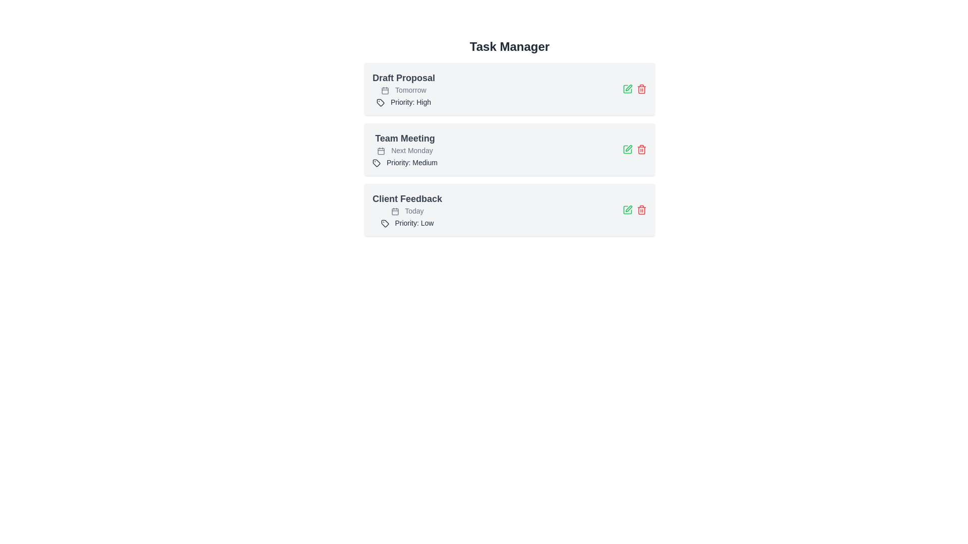 The image size is (968, 544). What do you see at coordinates (627, 89) in the screenshot?
I see `the square-shaped icon with a bold outline located in the second task item 'Team Meeting' in the third column of icons` at bounding box center [627, 89].